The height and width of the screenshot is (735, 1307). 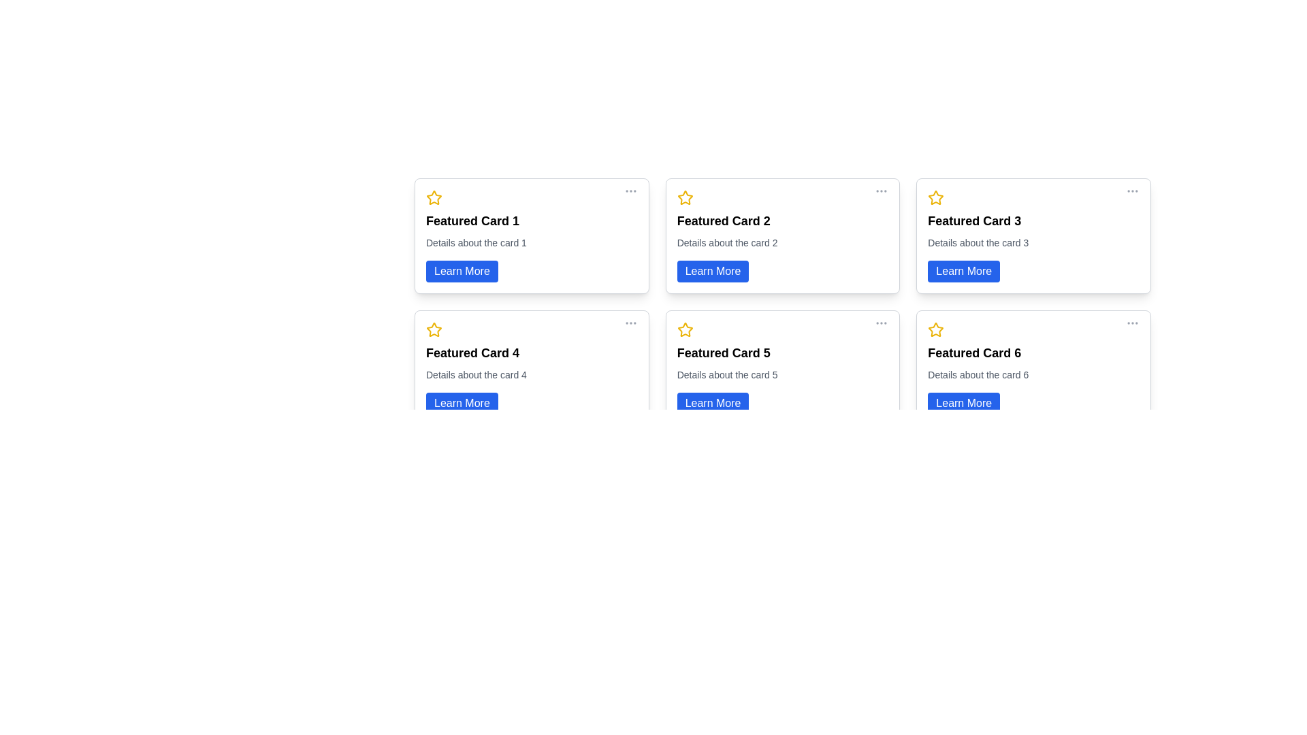 I want to click on information displayed in the Text block located beneath the title of 'Featured Card 3' and above the 'Learn More' button, so click(x=978, y=242).